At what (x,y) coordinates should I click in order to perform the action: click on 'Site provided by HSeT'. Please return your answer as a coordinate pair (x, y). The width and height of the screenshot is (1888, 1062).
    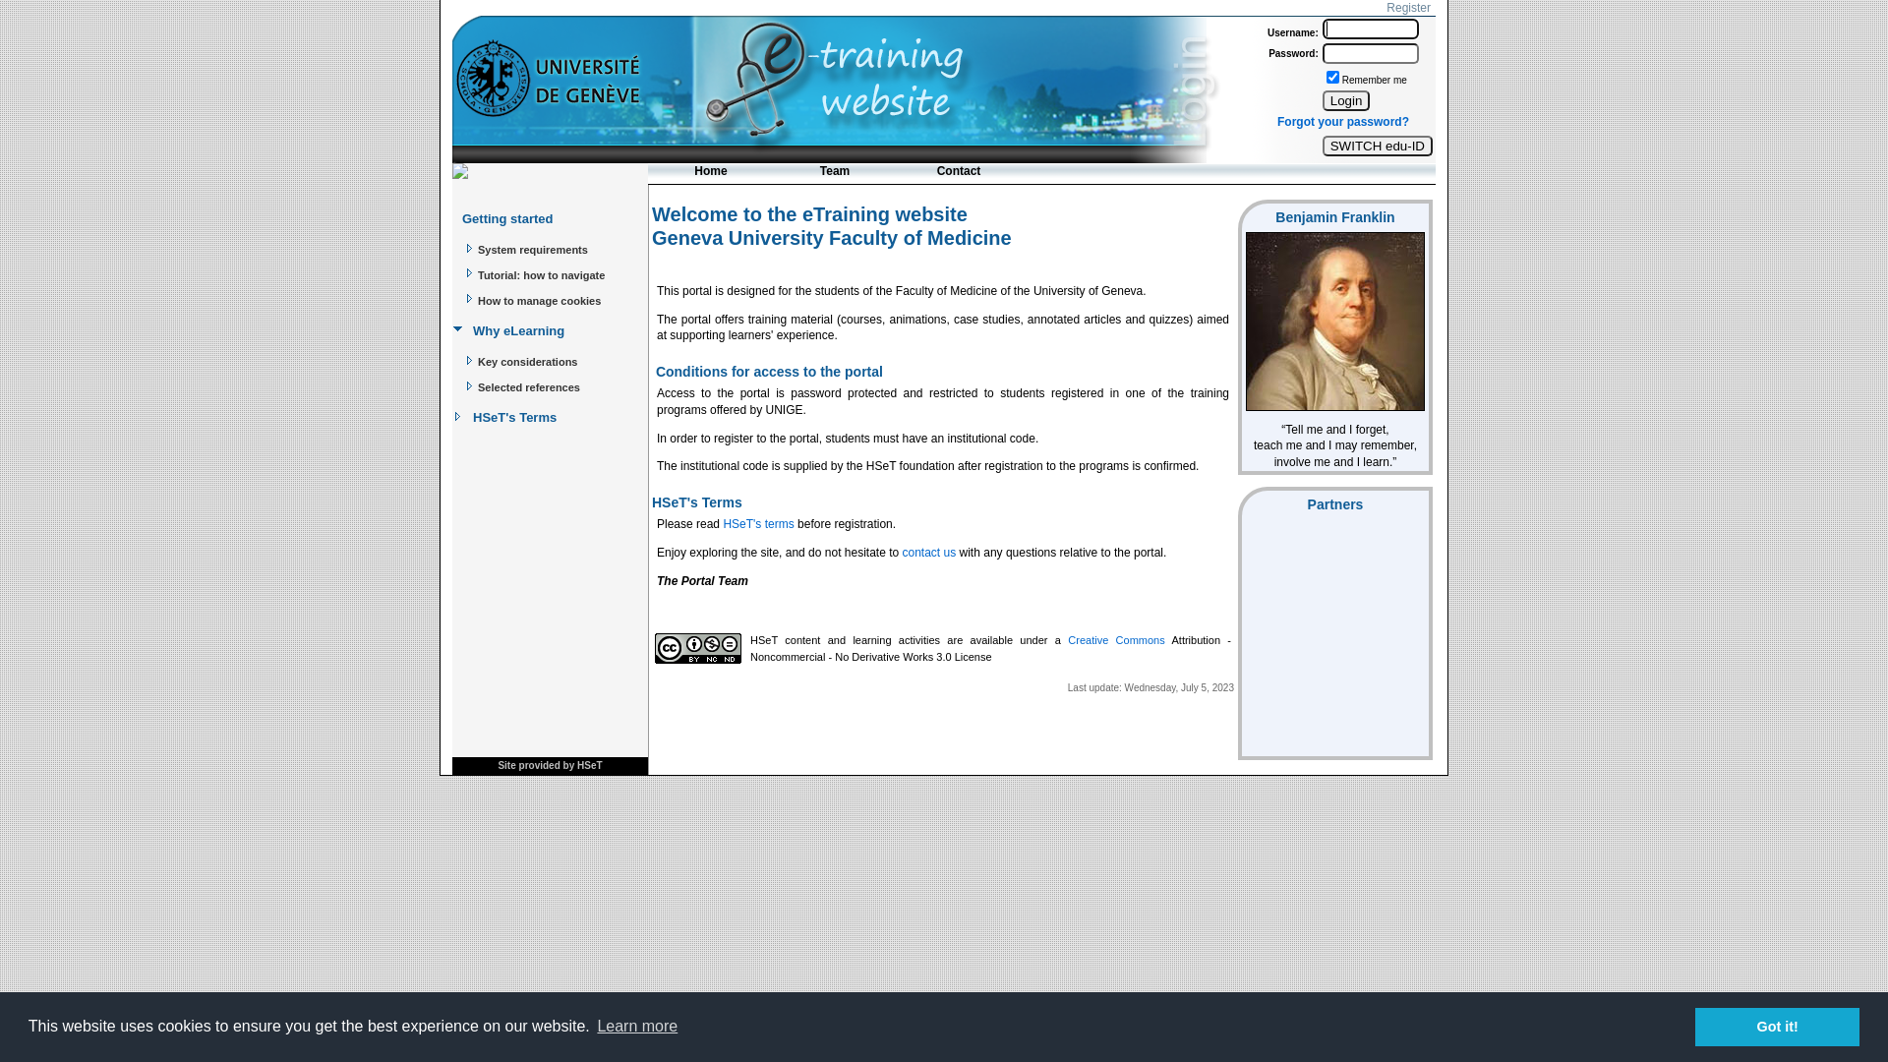
    Looking at the image, I should click on (549, 764).